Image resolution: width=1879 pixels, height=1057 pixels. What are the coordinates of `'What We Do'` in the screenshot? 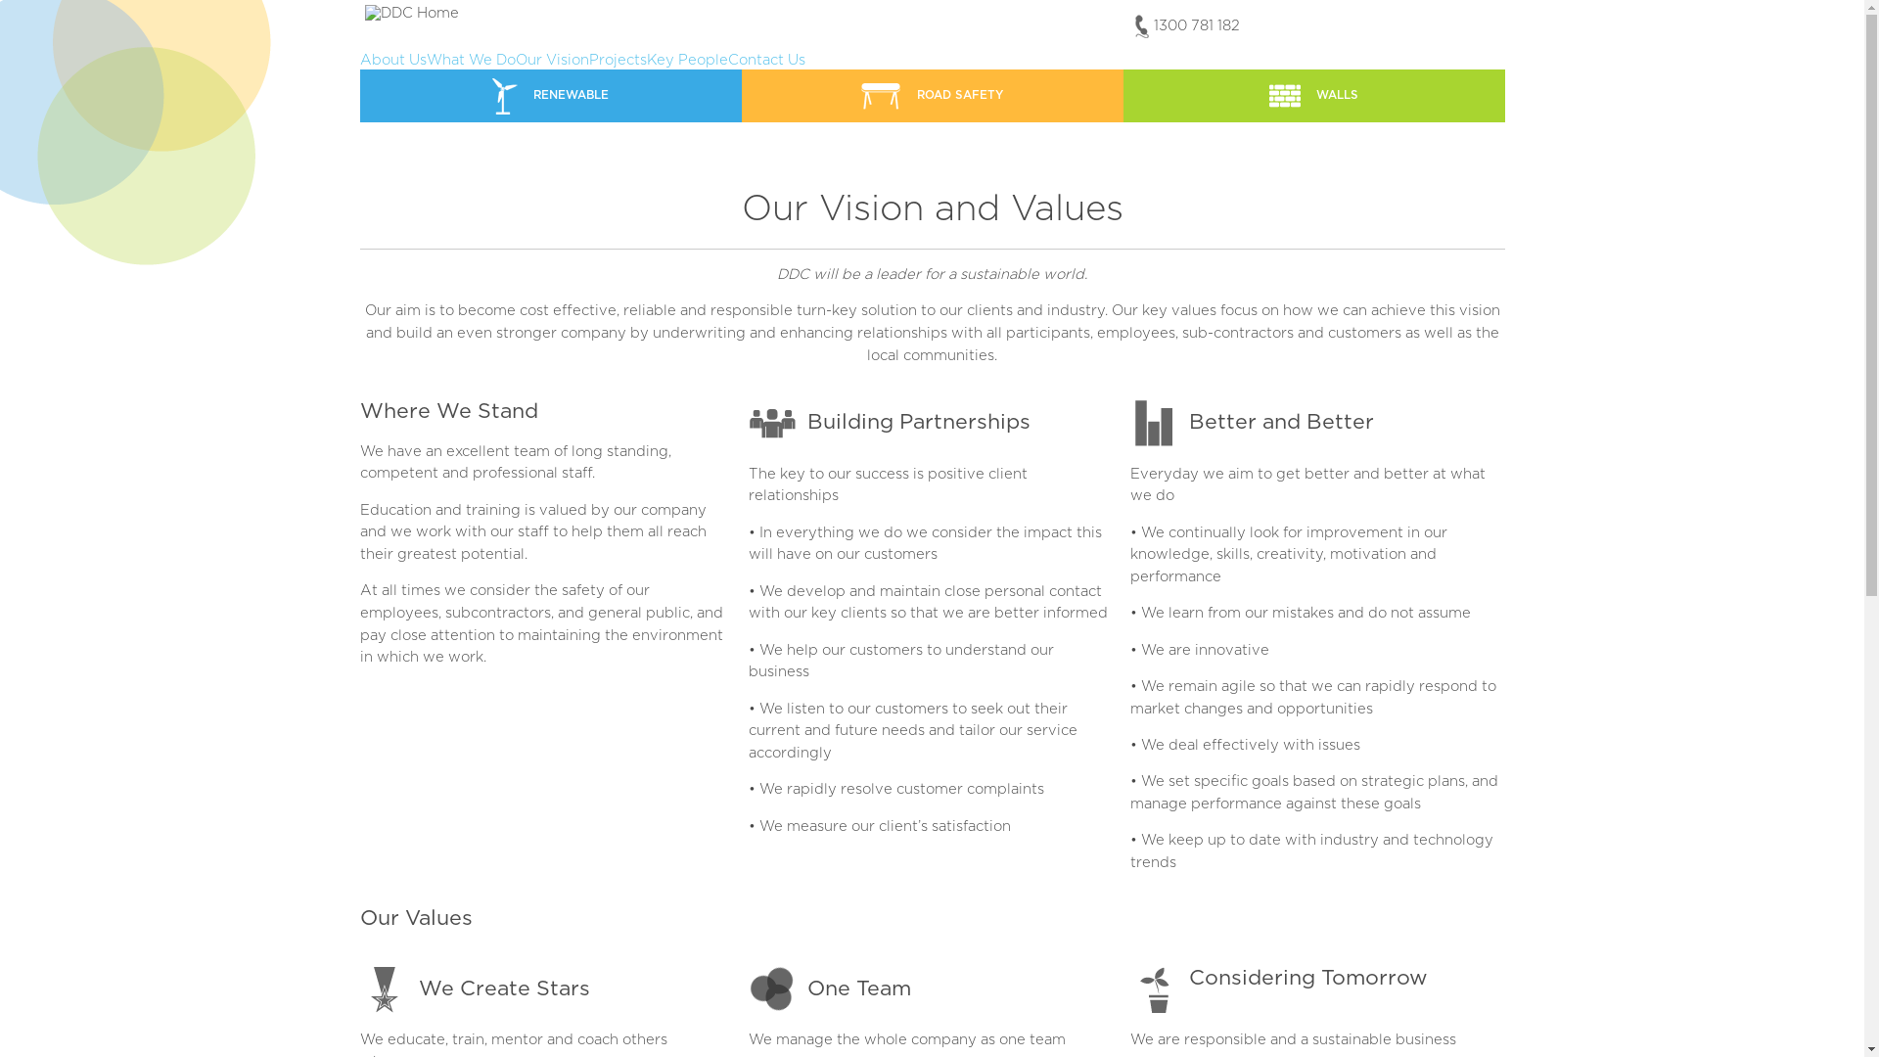 It's located at (471, 59).